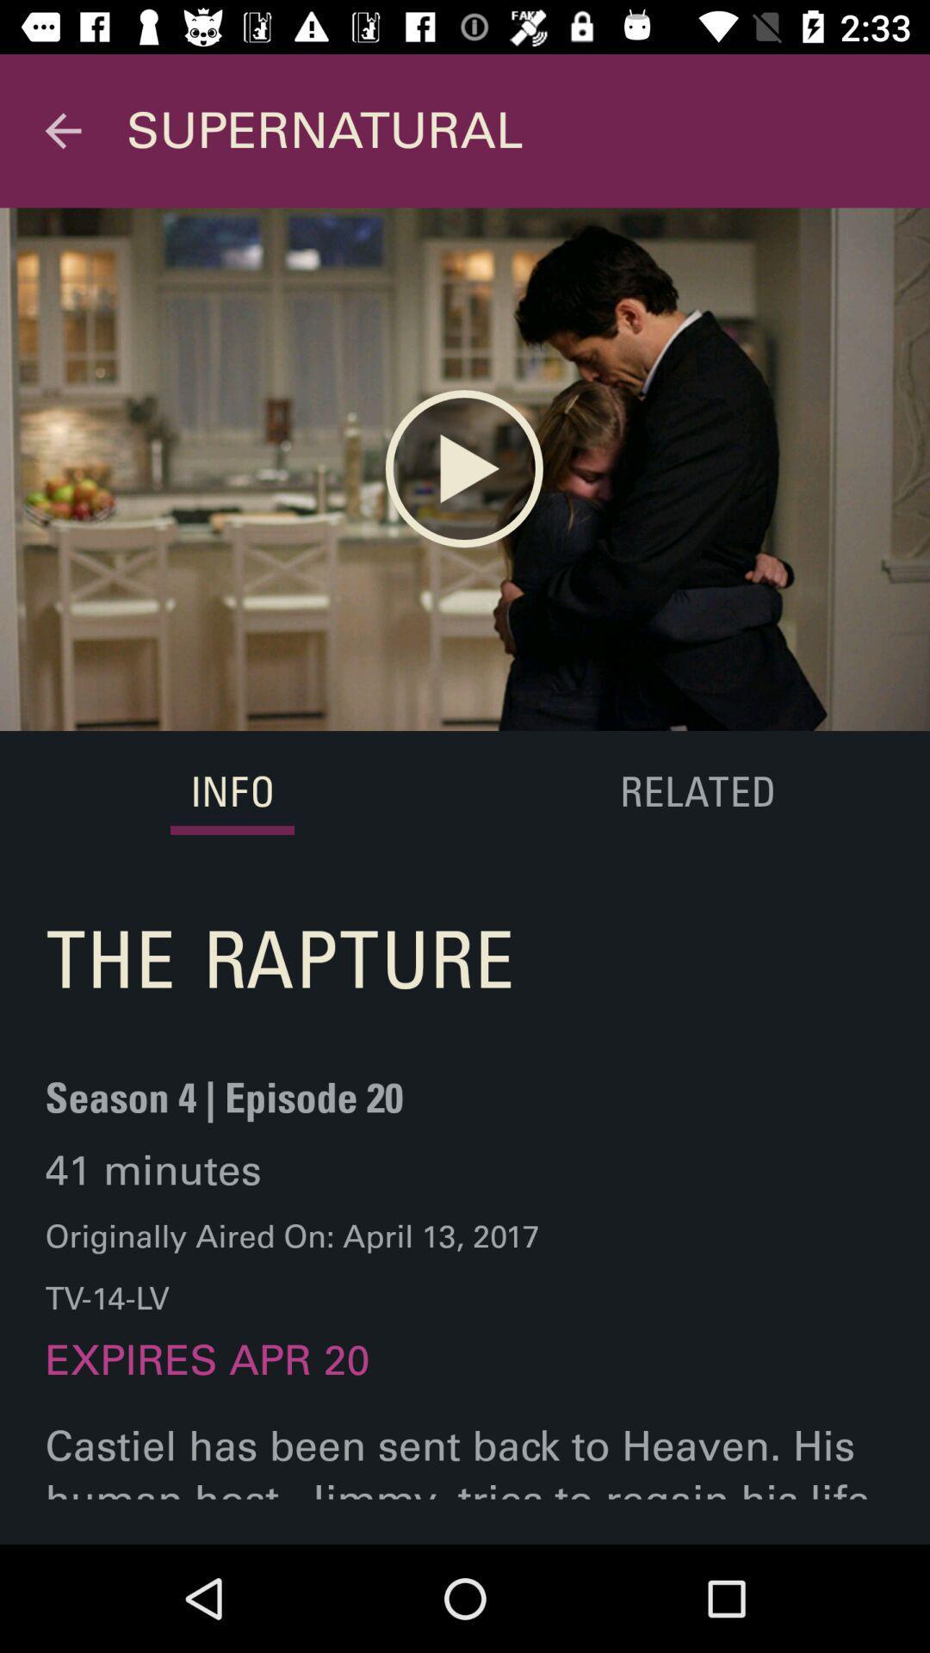  I want to click on related on the right, so click(696, 793).